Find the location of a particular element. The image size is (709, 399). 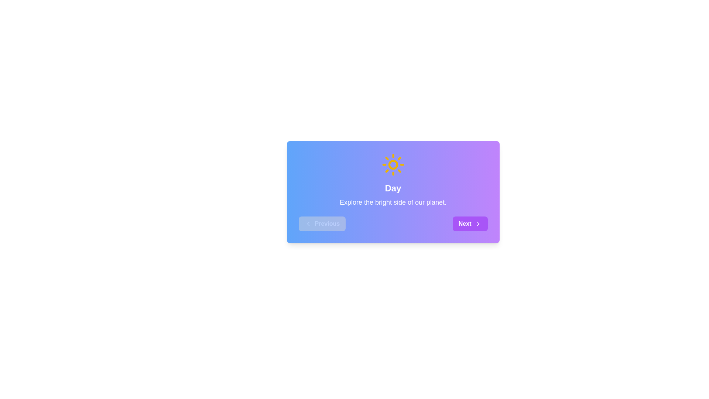

the large, bold text label displaying the word 'Day', which is centrally located below the sun icon graphic is located at coordinates (393, 188).